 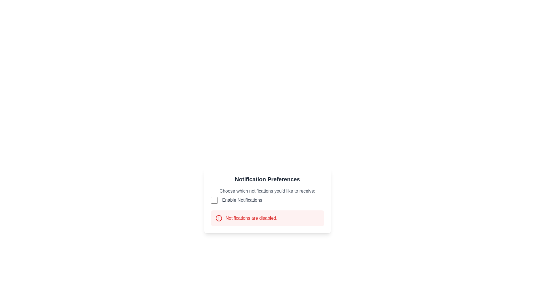 I want to click on the informational alert box with a light red background and bright red text that reads 'Notifications are disabled.', so click(x=267, y=218).